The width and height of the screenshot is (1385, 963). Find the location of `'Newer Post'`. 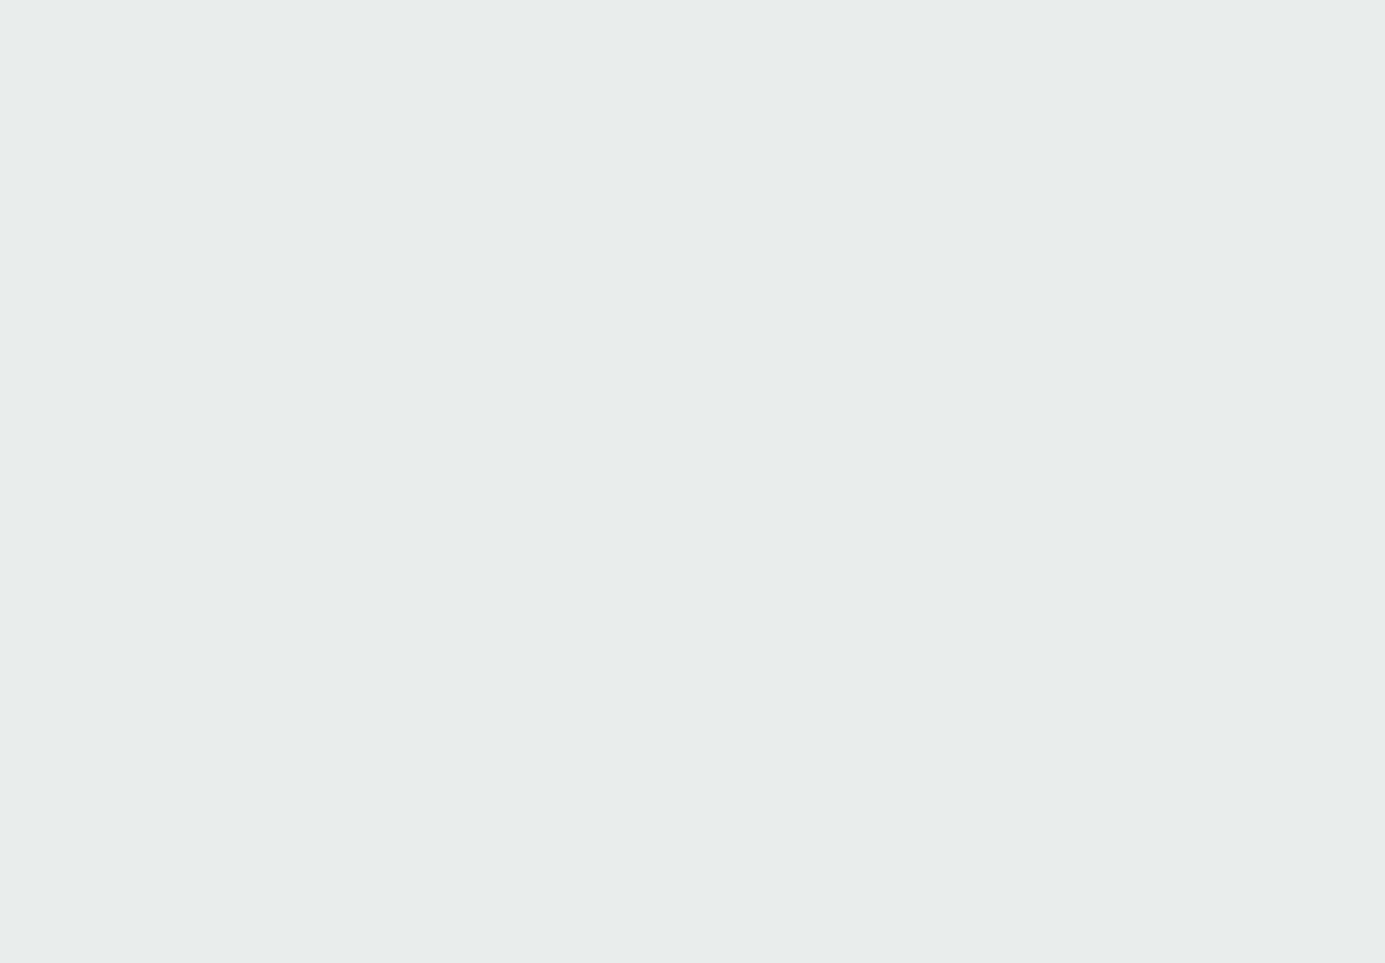

'Newer Post' is located at coordinates (77, 12).